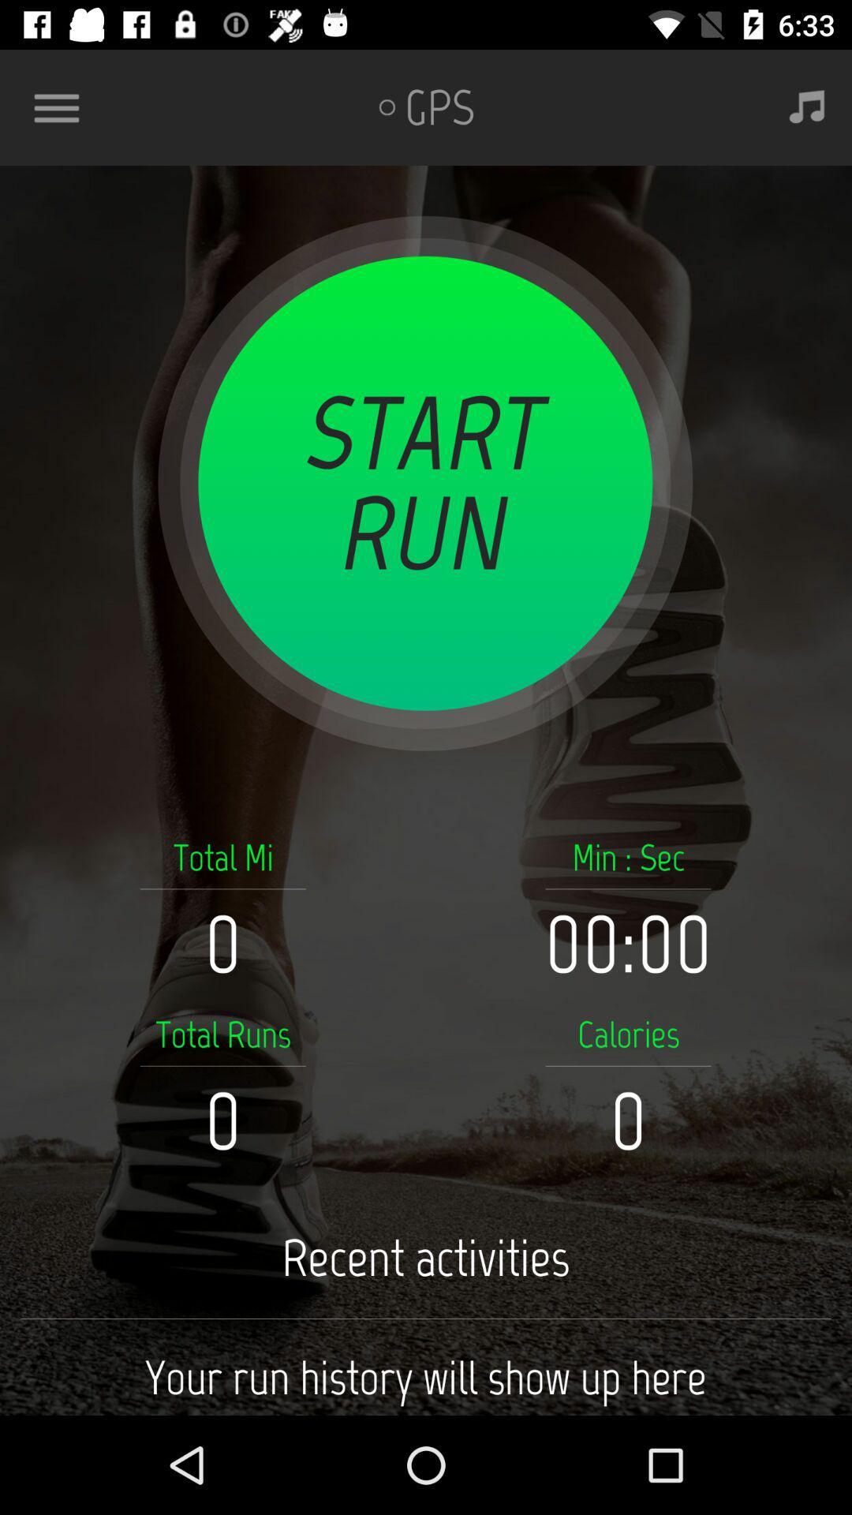 This screenshot has height=1515, width=852. Describe the element at coordinates (62, 107) in the screenshot. I see `item at the top left corner` at that location.